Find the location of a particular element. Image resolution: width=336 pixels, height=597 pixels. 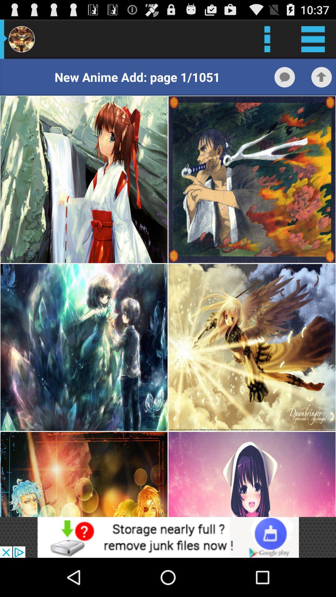

the chat icon is located at coordinates (284, 82).